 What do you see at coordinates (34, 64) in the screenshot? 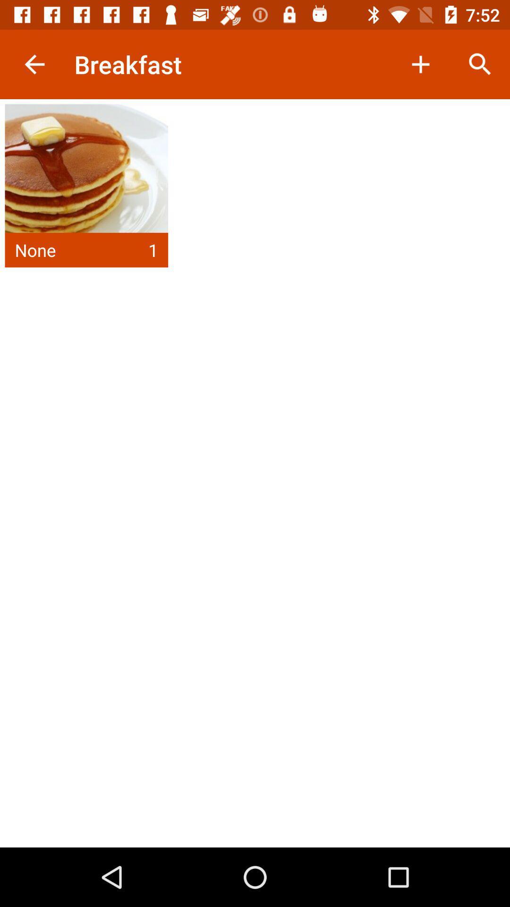
I see `item to the left of breakfast icon` at bounding box center [34, 64].